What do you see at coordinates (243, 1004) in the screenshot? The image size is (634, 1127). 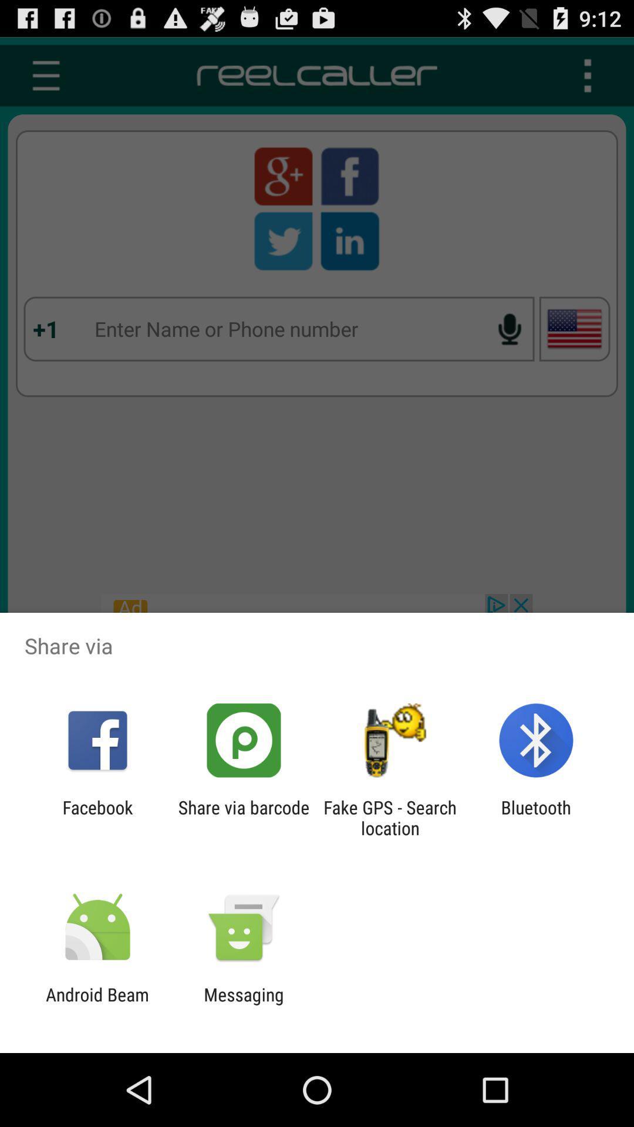 I see `messaging icon` at bounding box center [243, 1004].